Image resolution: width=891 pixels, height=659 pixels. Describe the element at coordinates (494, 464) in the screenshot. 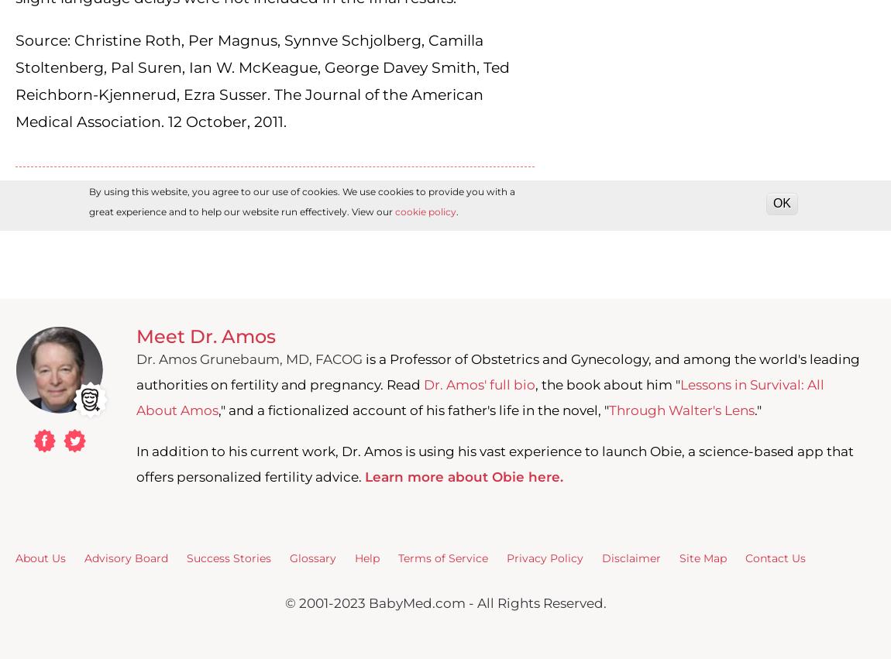

I see `'In addition to his current work, Dr. Amos is using his vast experience to launch Obie, a science-based app that offers personalized fertility advice.'` at that location.